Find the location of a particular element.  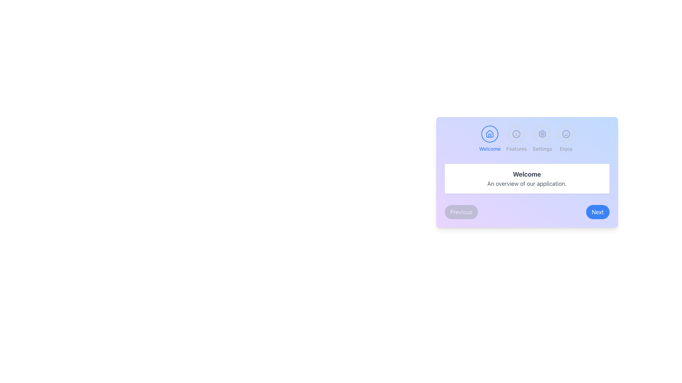

the settings icon, which is a gear-like shape in light gray color located in the top-right section of the card interface, as the third icon among four options is located at coordinates (542, 134).